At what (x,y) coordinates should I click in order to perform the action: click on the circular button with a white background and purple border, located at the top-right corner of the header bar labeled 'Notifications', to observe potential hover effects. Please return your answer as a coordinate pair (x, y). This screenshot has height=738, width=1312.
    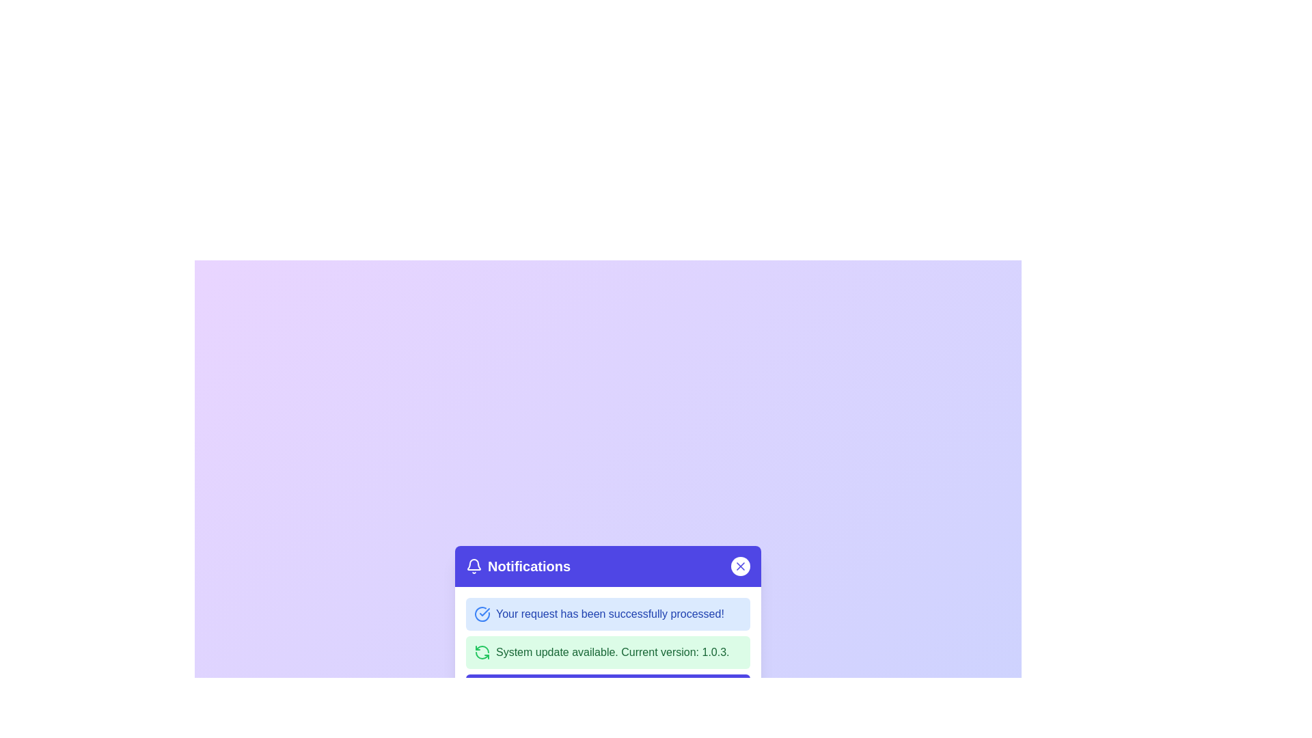
    Looking at the image, I should click on (740, 566).